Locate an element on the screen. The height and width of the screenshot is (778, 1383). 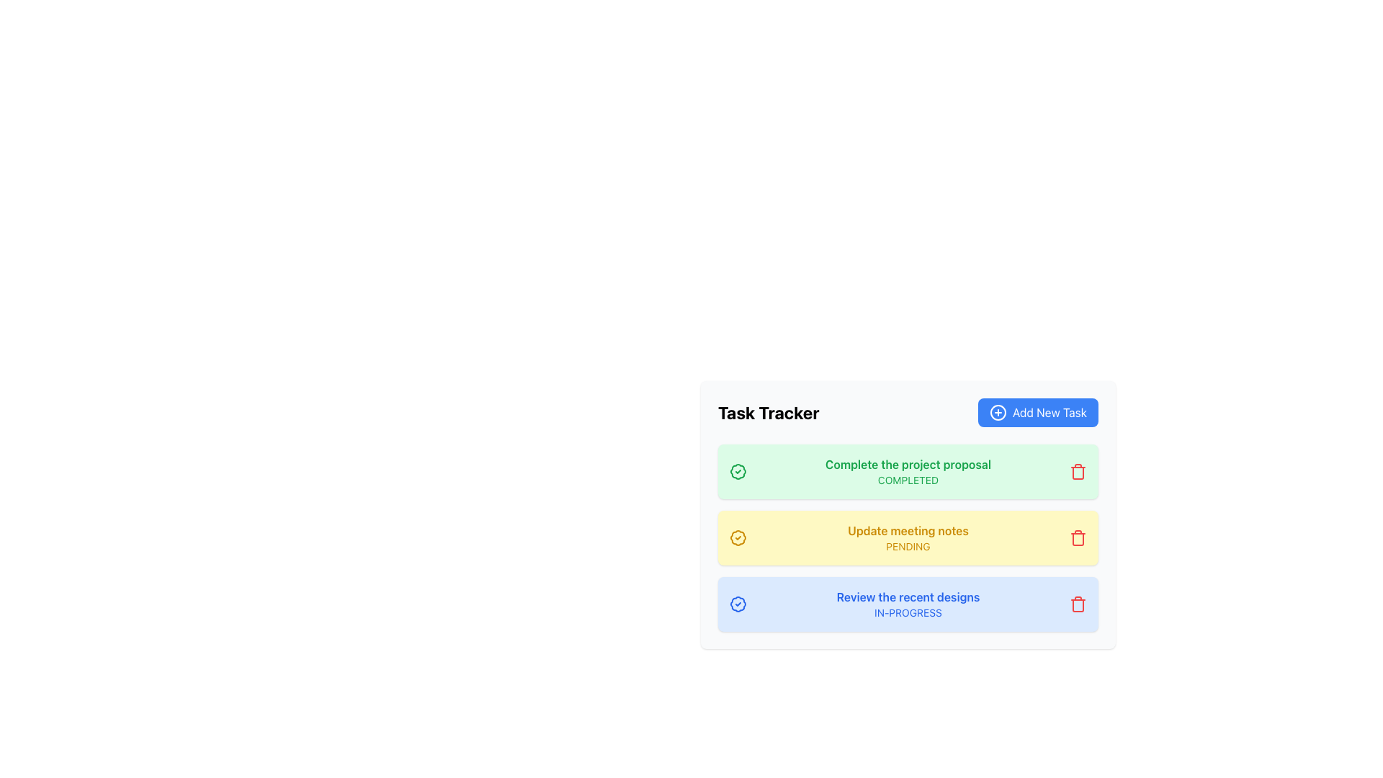
the center component of the trash can icon located at the far right of the 'Update meeting notes' task row, which is the second task item from the top is located at coordinates (1078, 539).